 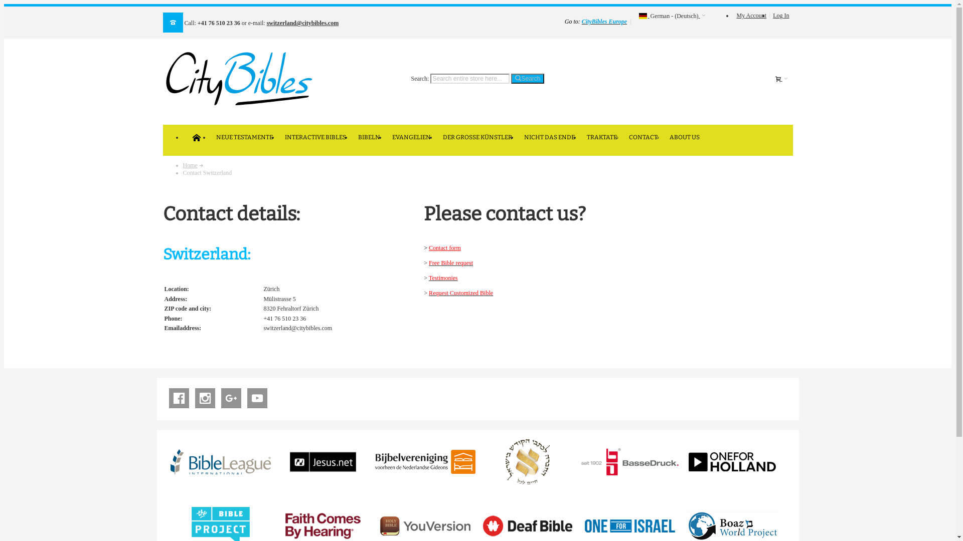 What do you see at coordinates (244, 137) in the screenshot?
I see `'NEUE TESTAMENTE'` at bounding box center [244, 137].